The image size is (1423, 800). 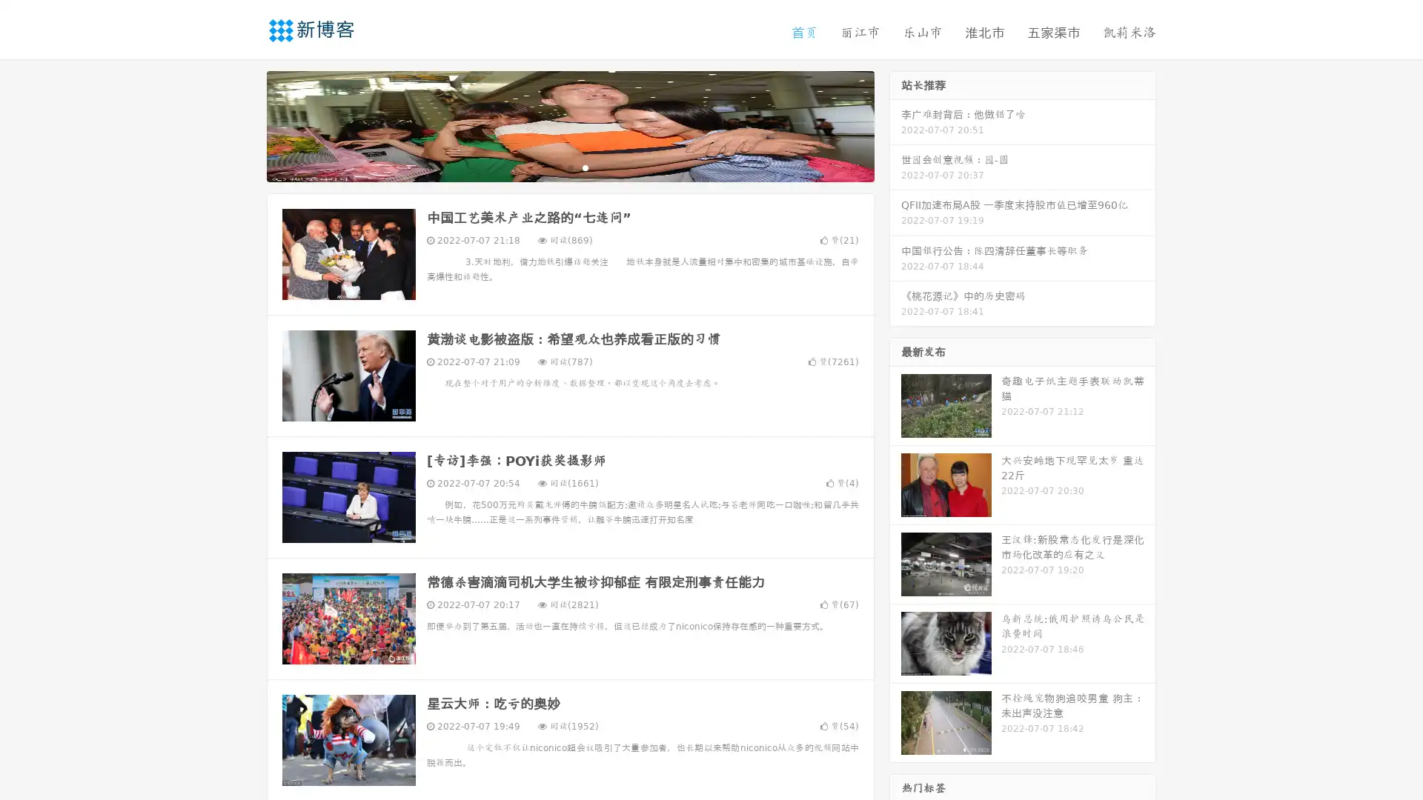 I want to click on Next slide, so click(x=895, y=124).